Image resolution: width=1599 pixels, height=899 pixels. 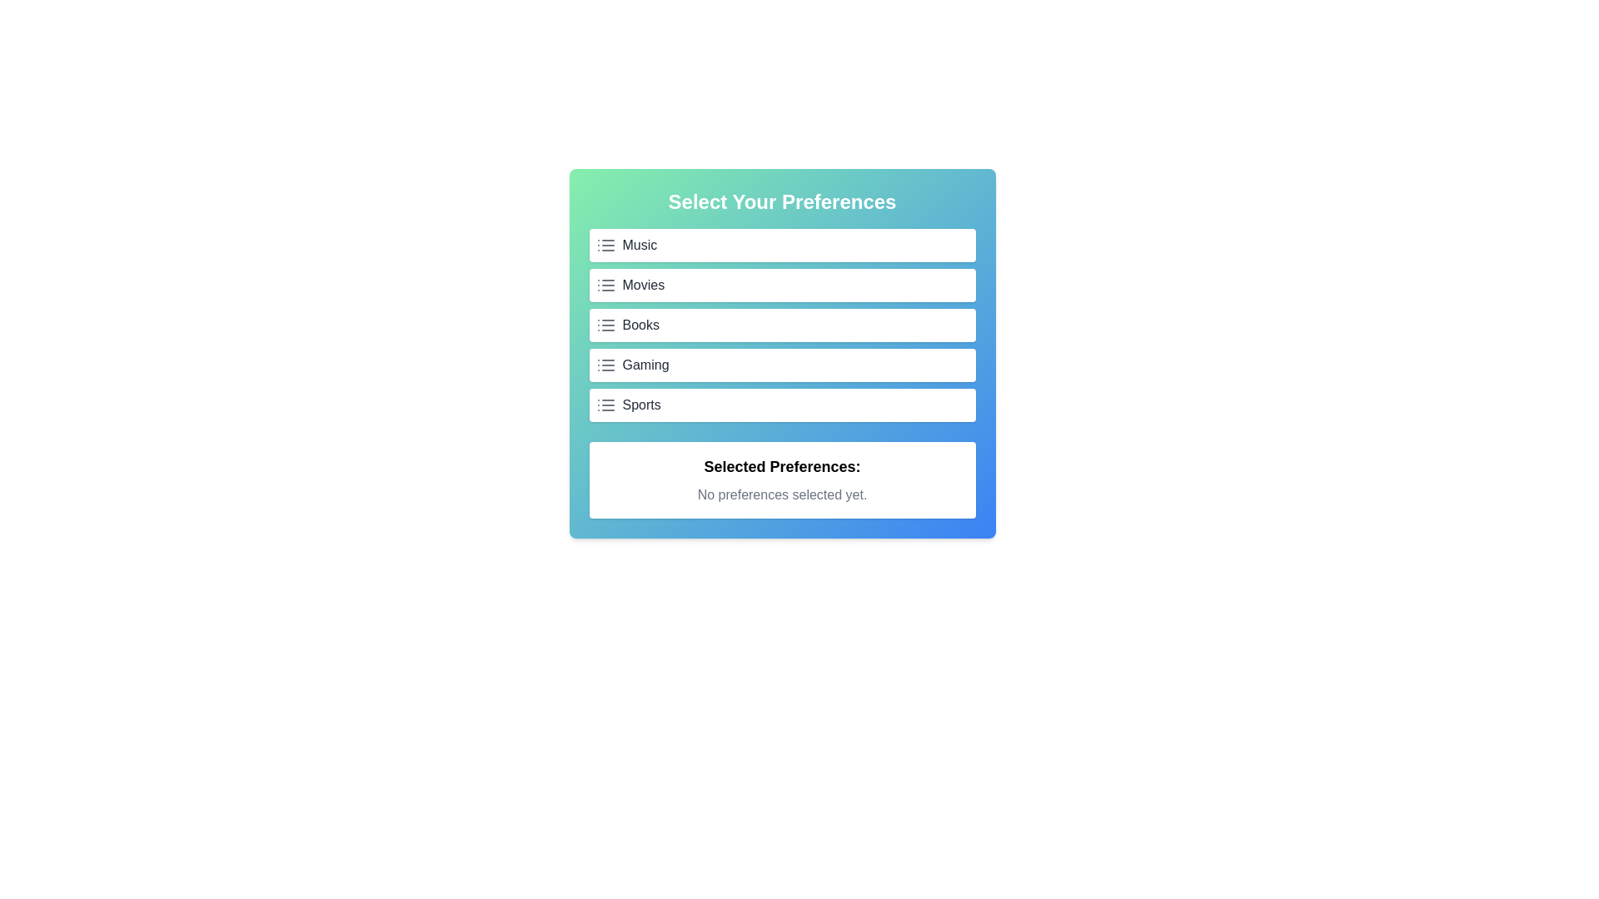 I want to click on the decorative 'Books' icon located to the left of the 'Books' text in the third row from the top, so click(x=605, y=325).